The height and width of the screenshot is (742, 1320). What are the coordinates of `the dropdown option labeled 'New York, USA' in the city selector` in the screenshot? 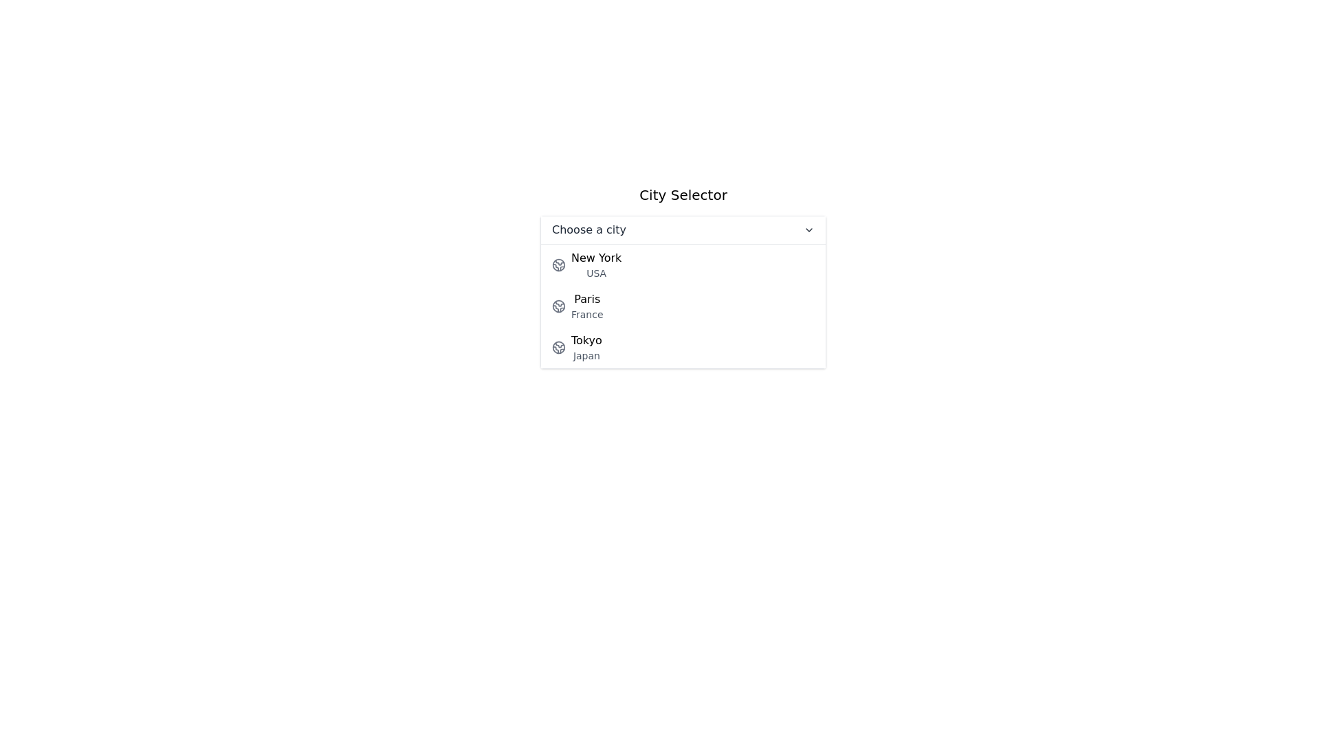 It's located at (596, 265).